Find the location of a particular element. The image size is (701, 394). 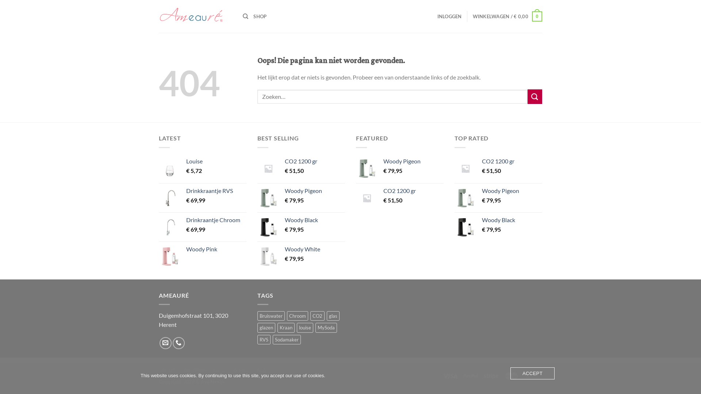

'Drinkkraantje RVS' is located at coordinates (216, 190).